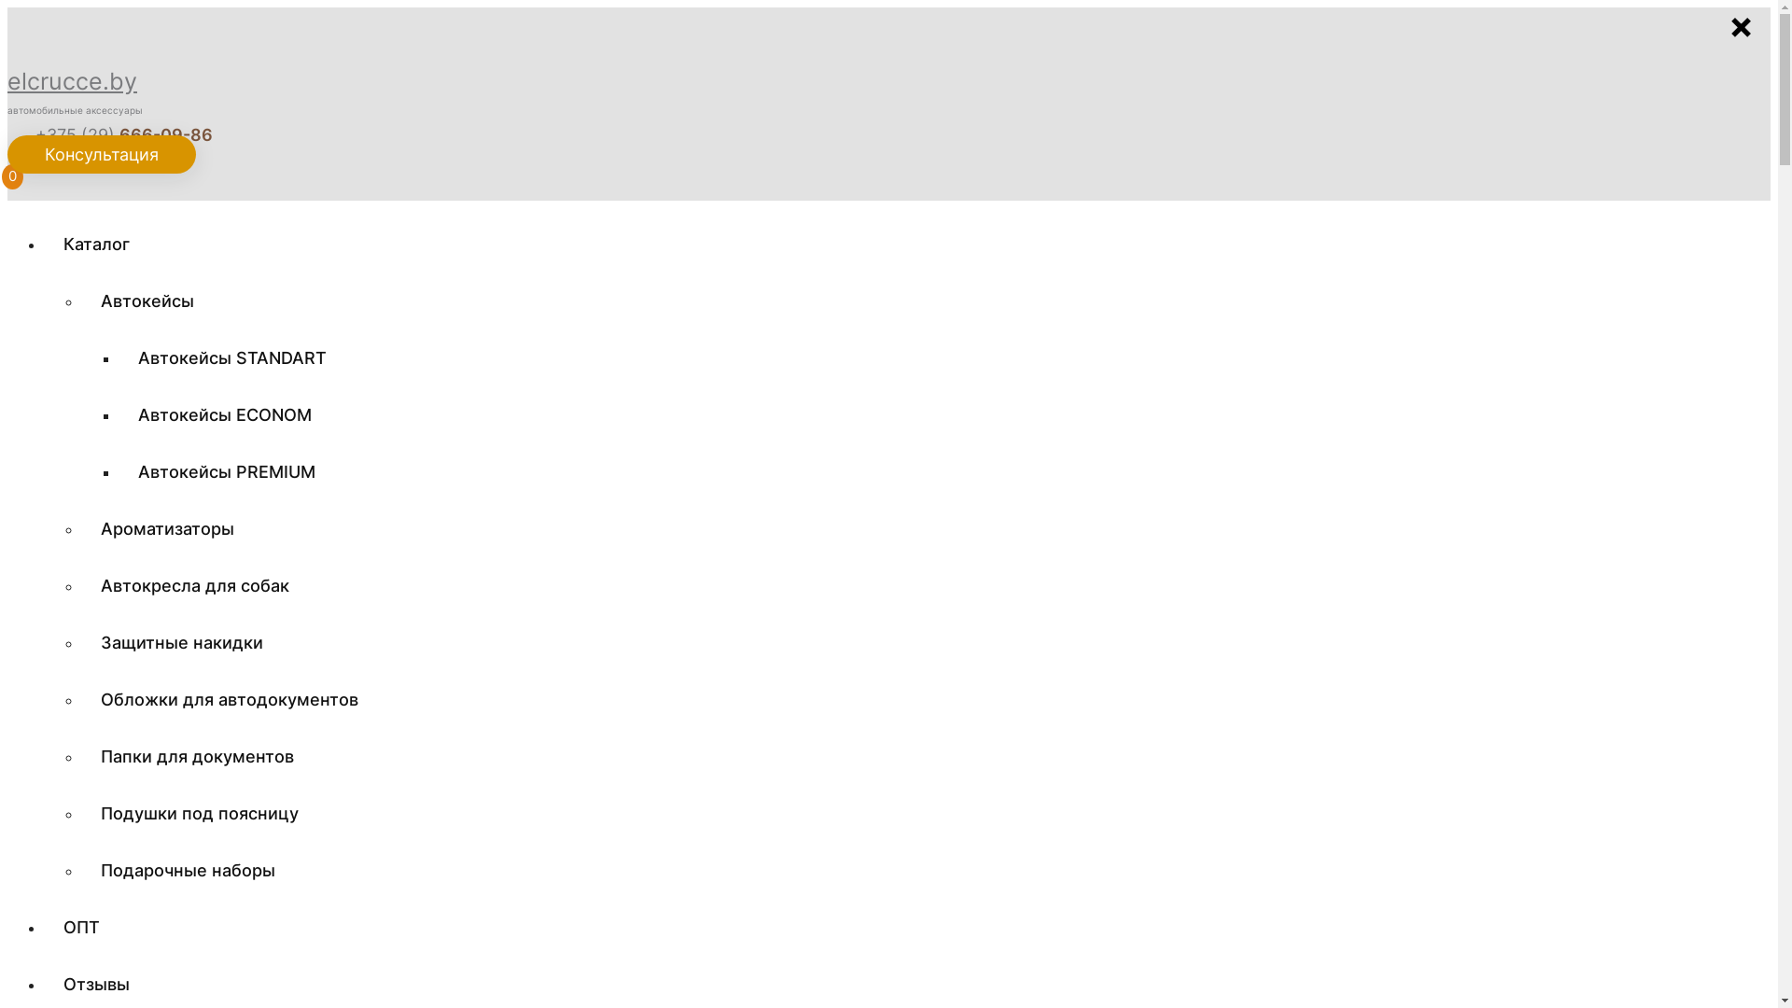  What do you see at coordinates (15, 181) in the screenshot?
I see `'0'` at bounding box center [15, 181].